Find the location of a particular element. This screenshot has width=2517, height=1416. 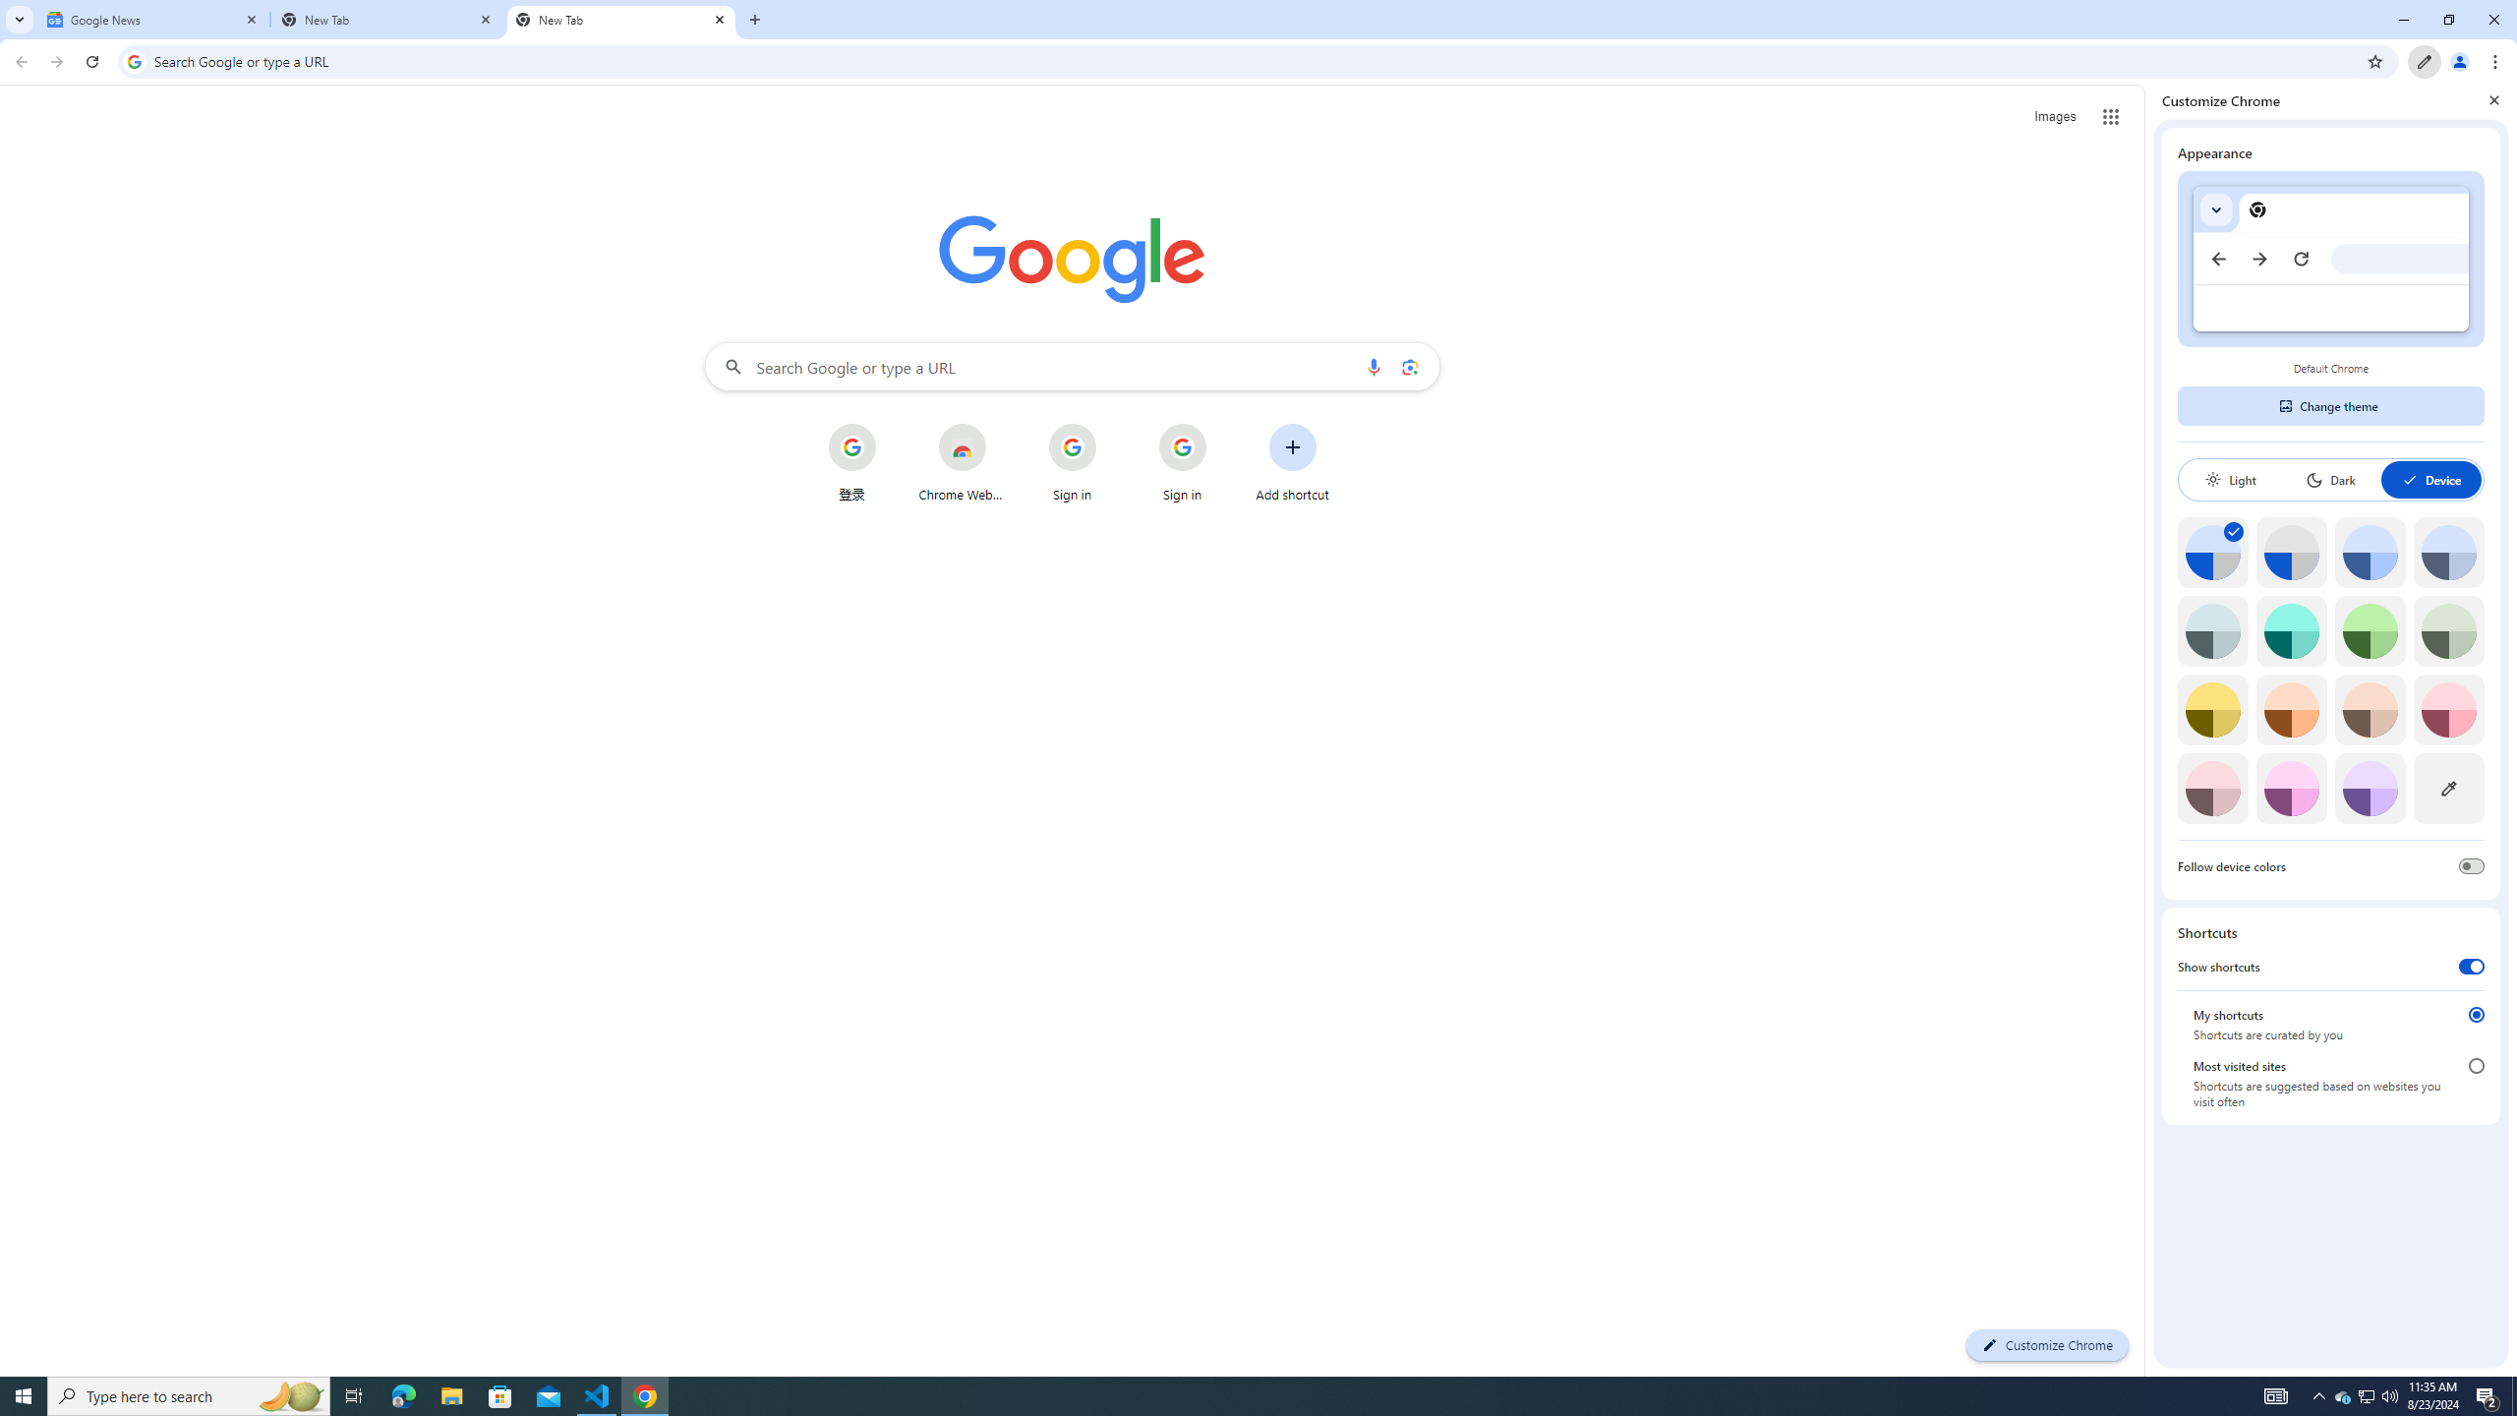

'More actions for Chrome Web Store shortcut' is located at coordinates (1001, 425).